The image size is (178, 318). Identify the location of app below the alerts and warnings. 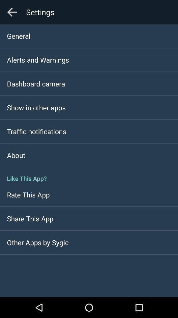
(36, 83).